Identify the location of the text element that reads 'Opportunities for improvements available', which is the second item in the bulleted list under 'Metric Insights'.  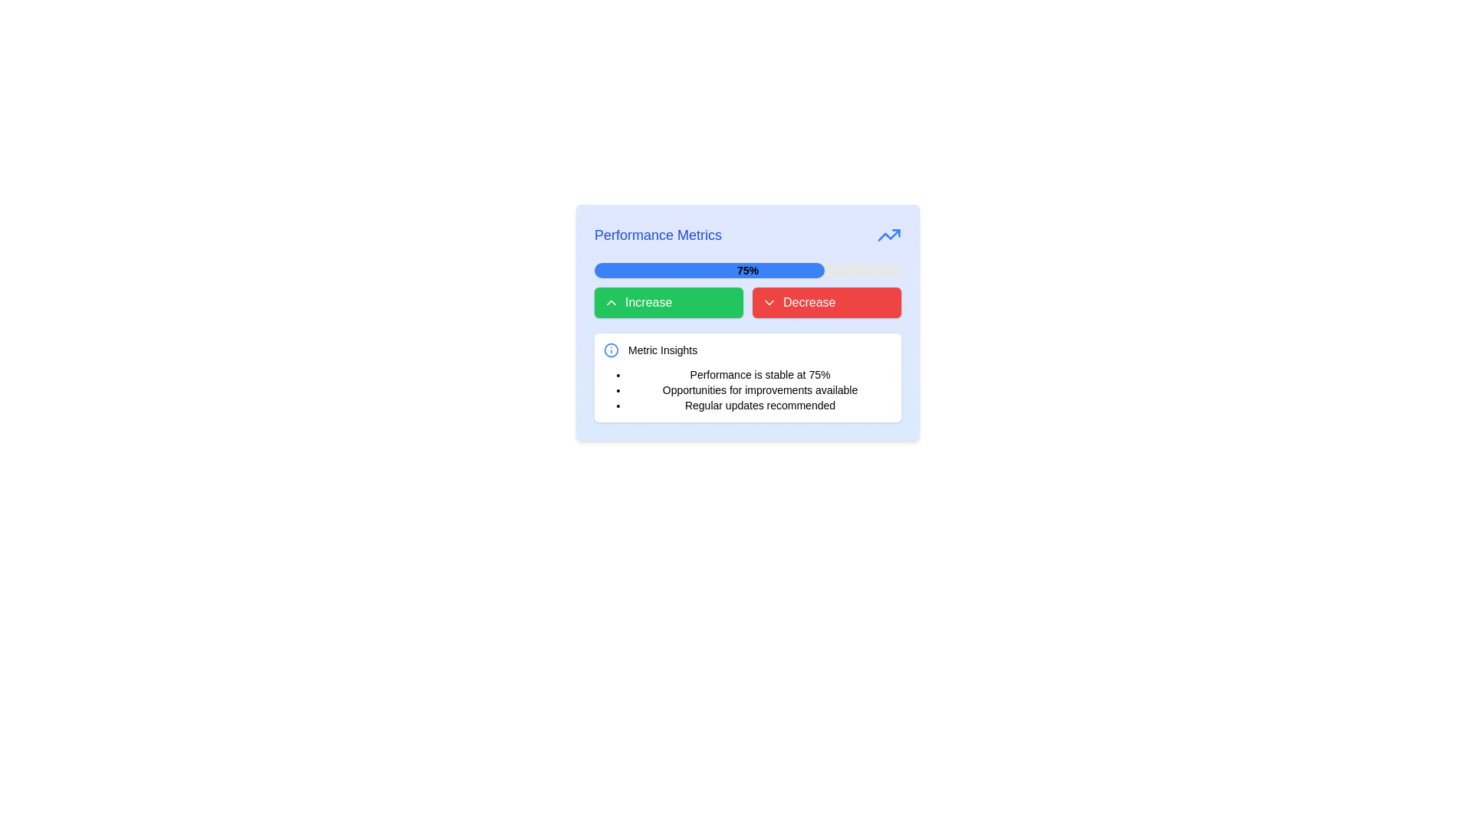
(760, 389).